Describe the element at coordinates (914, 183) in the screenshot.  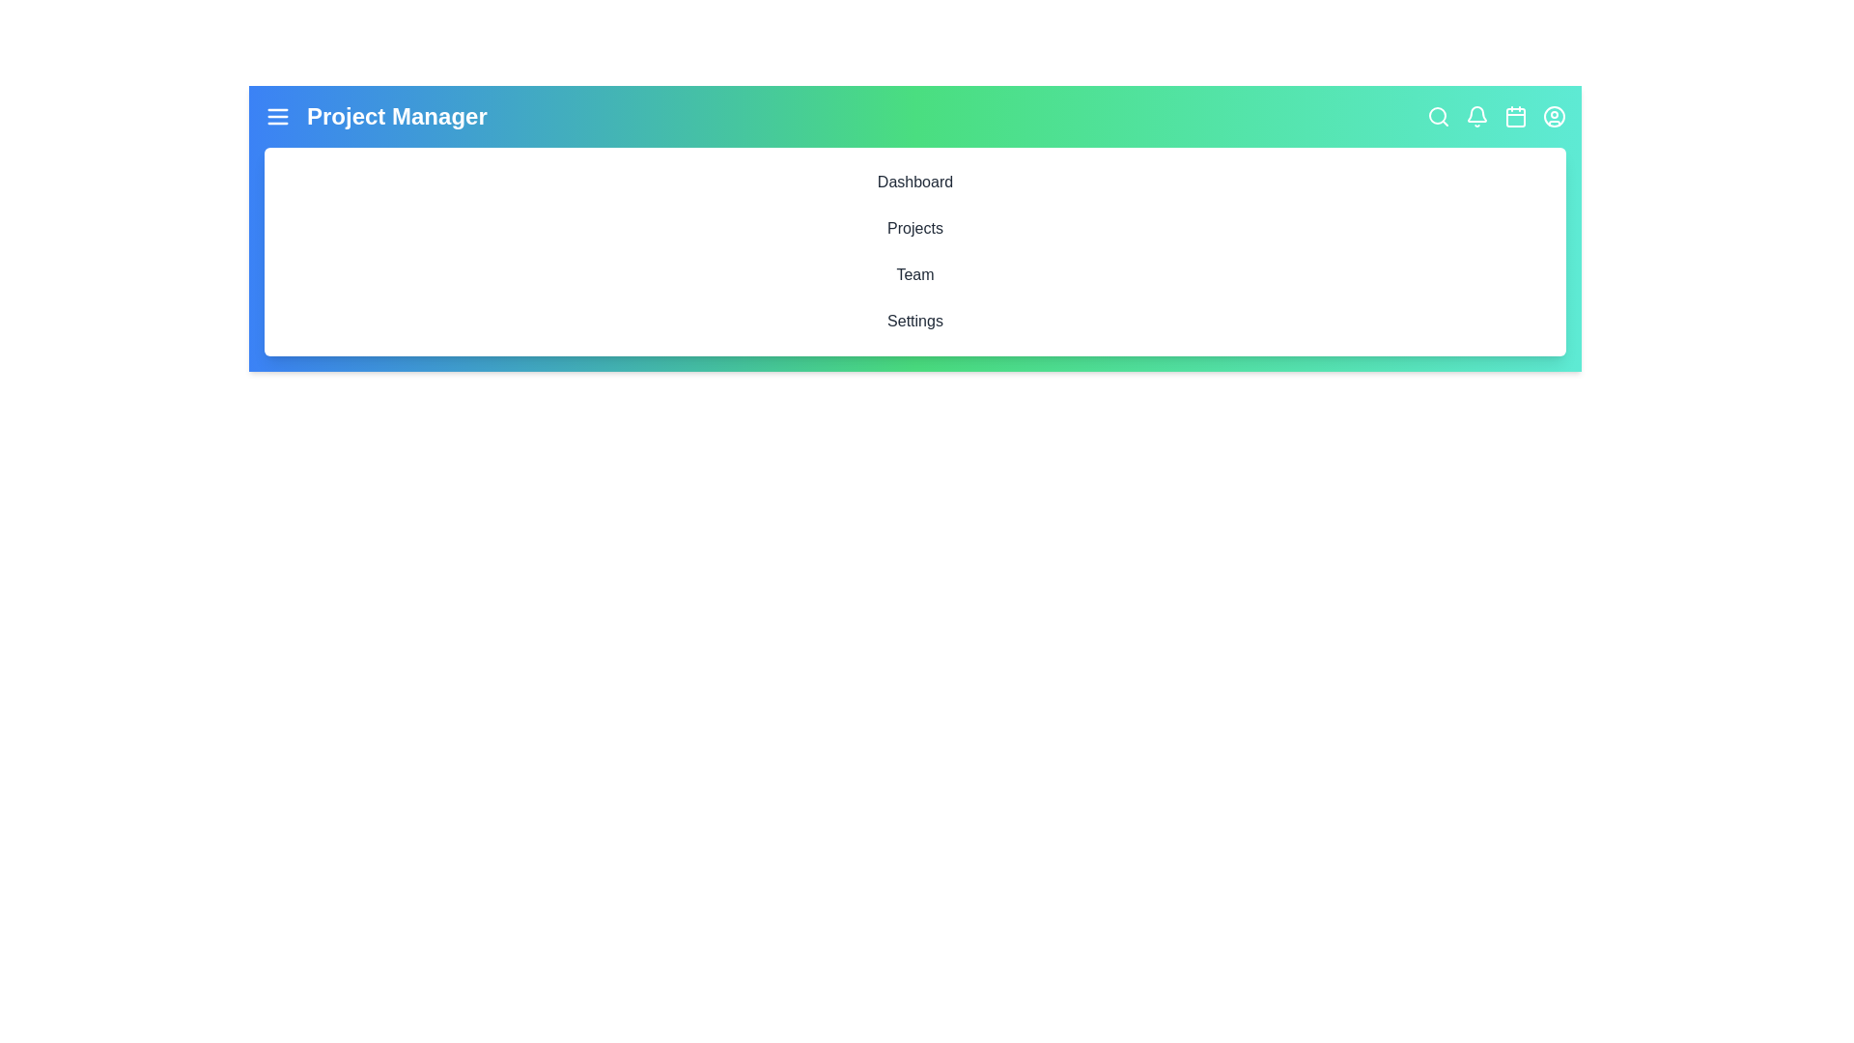
I see `the text element Dashboard in the AppBar` at that location.